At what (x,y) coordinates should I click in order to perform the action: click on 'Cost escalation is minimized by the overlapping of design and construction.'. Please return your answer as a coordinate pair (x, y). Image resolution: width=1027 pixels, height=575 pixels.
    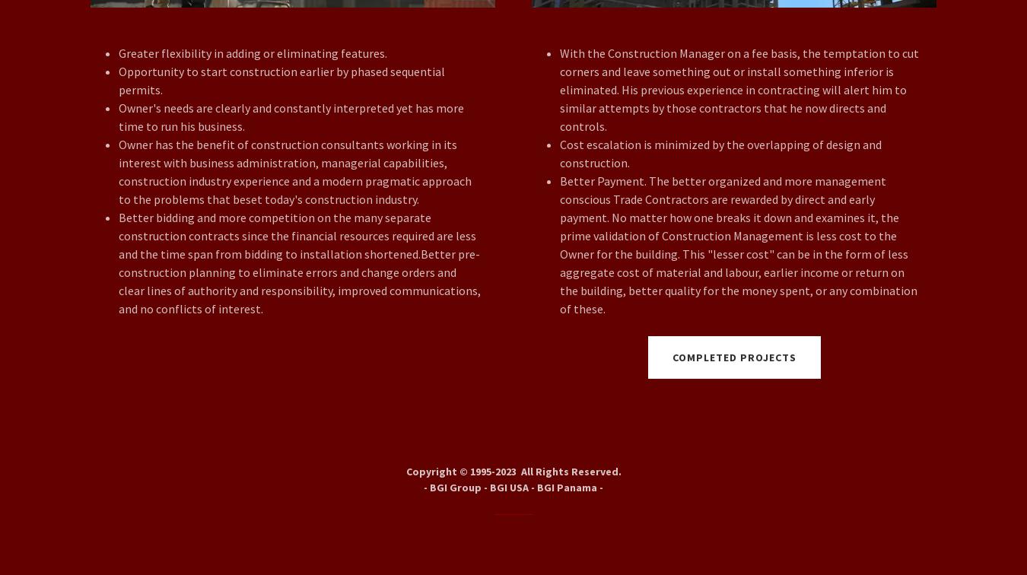
    Looking at the image, I should click on (719, 154).